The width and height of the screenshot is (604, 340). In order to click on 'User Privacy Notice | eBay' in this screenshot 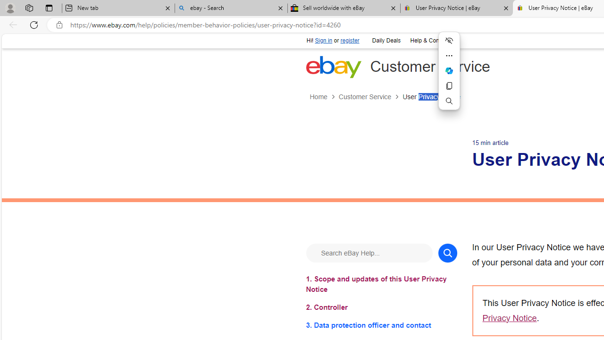, I will do `click(456, 8)`.